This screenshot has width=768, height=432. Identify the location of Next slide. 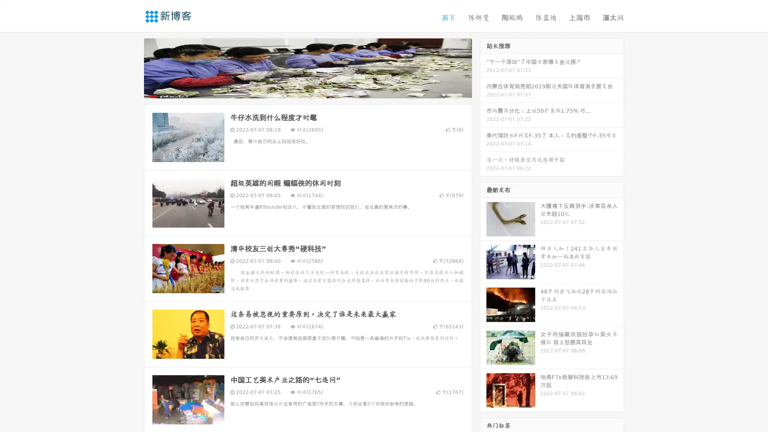
(483, 67).